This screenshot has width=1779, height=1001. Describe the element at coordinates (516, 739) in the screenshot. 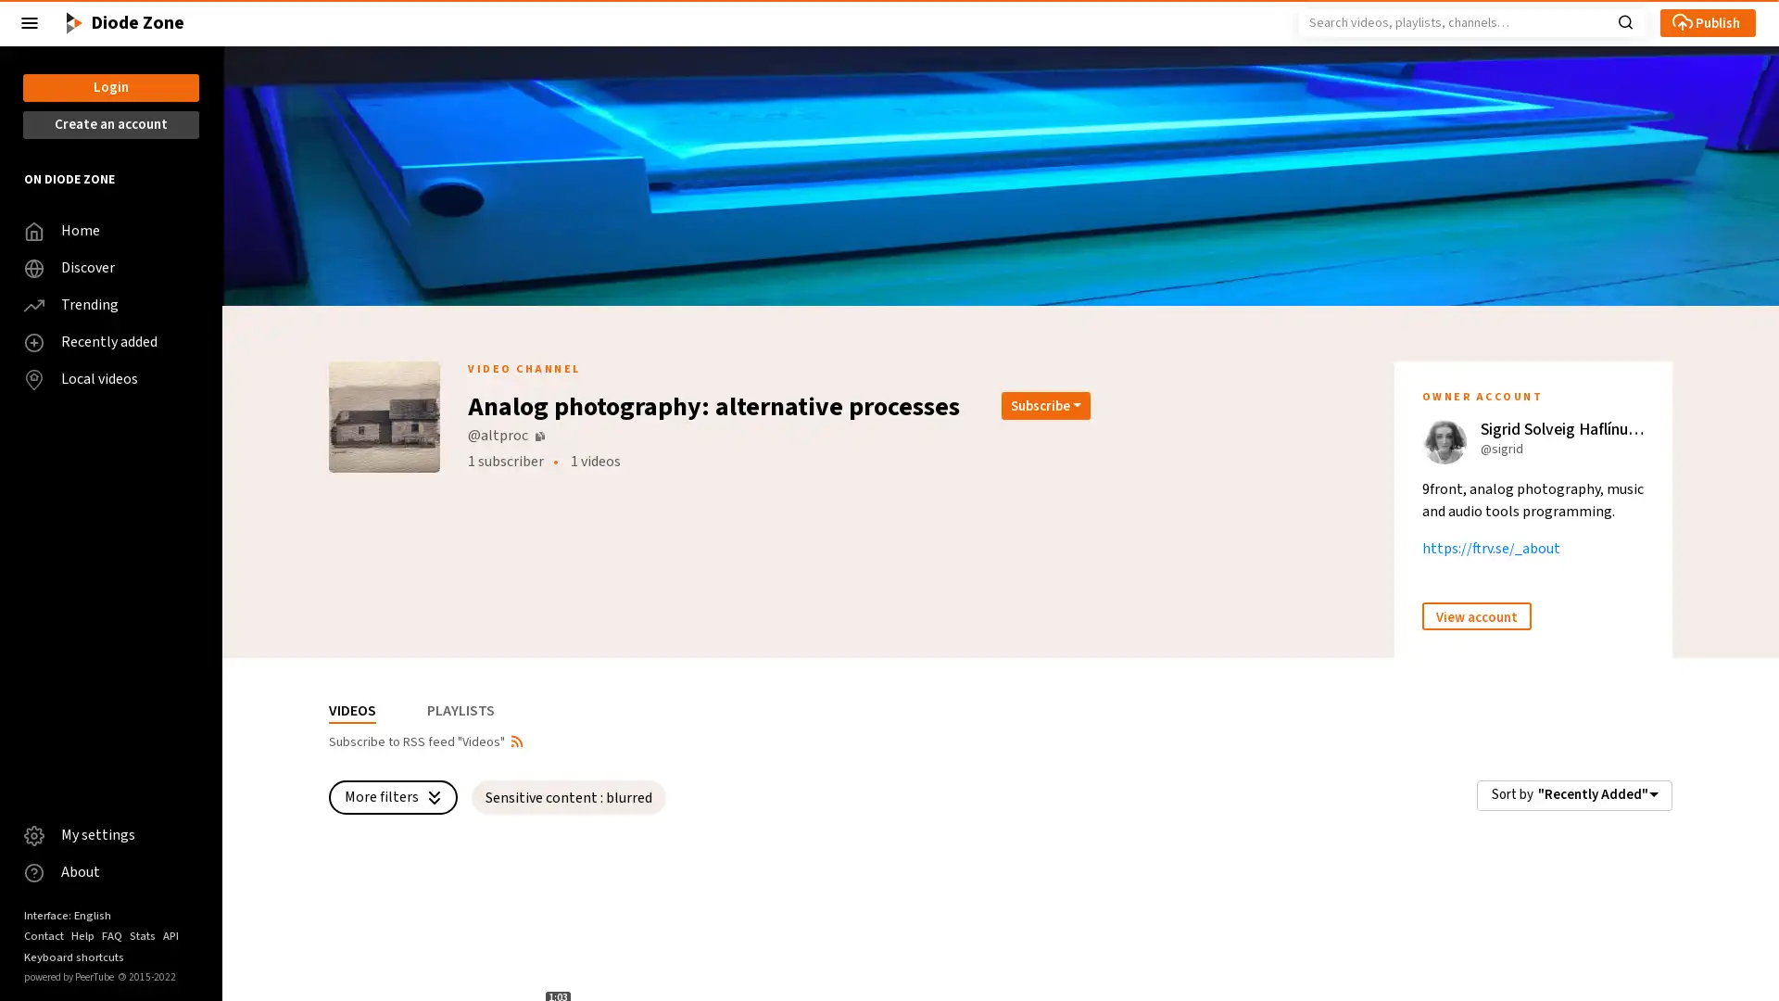

I see `Open syndication dropdown` at that location.